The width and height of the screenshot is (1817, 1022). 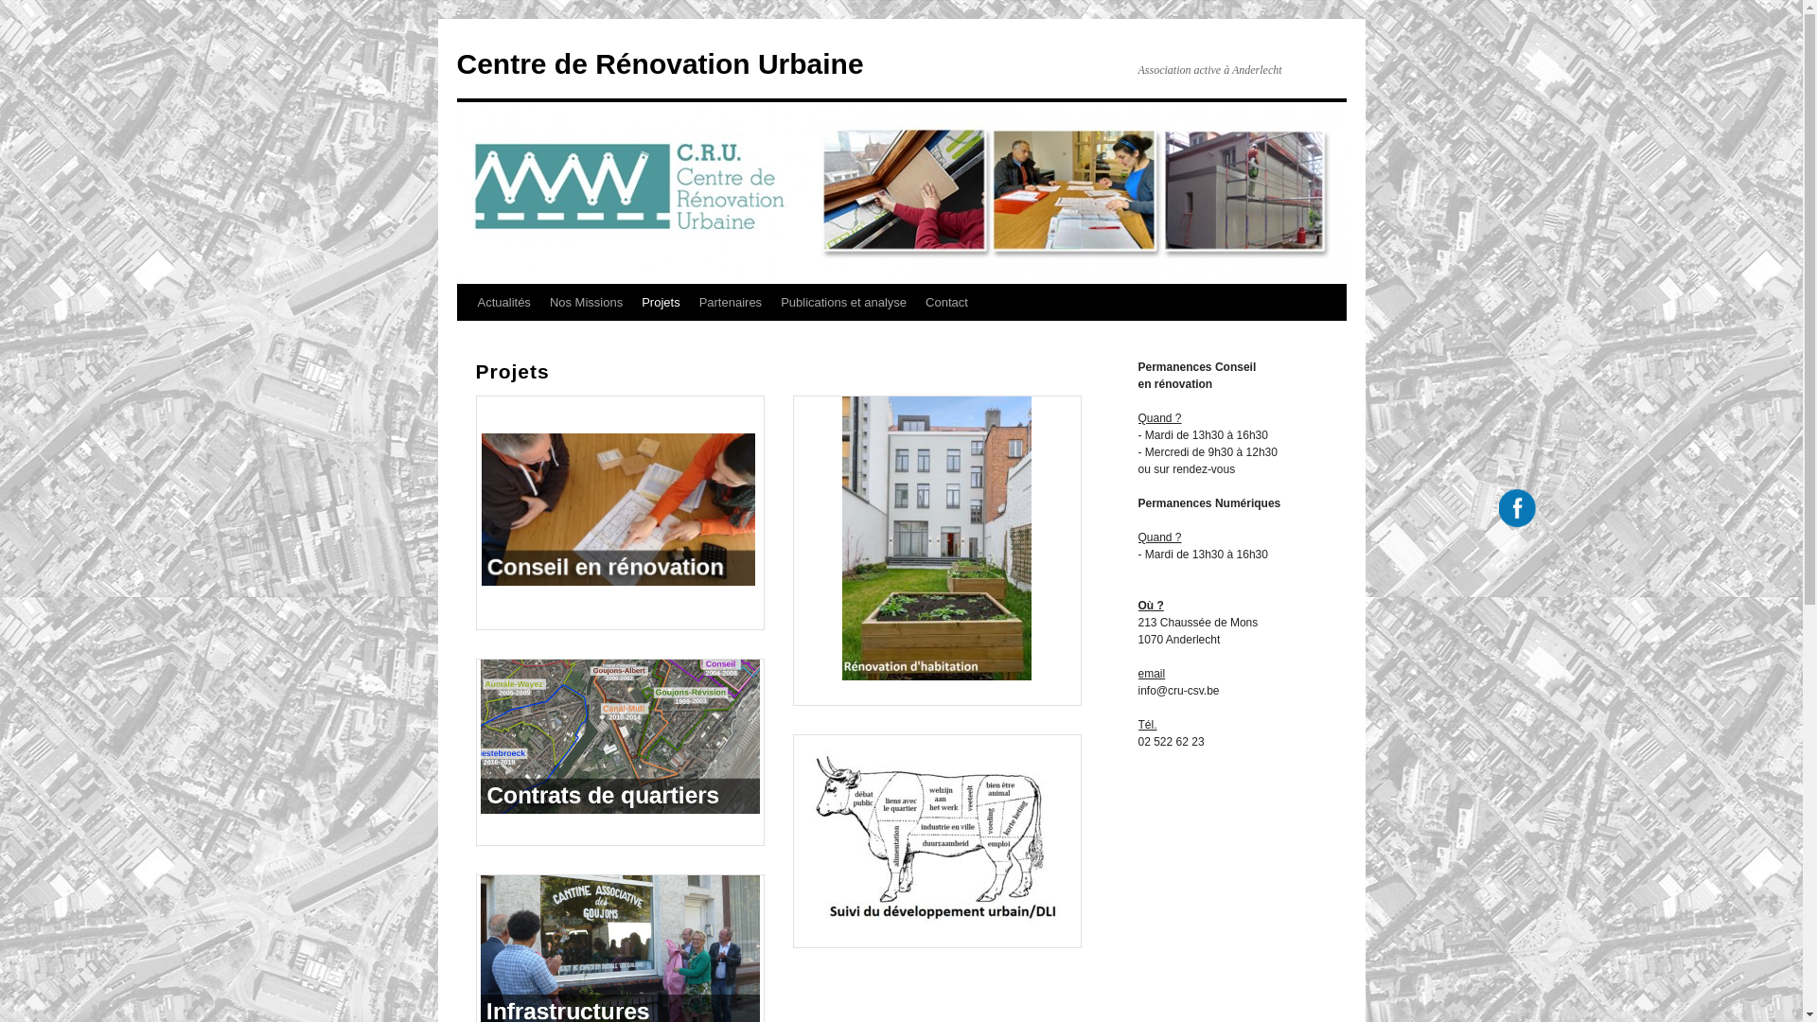 I want to click on 'Contact', so click(x=916, y=302).